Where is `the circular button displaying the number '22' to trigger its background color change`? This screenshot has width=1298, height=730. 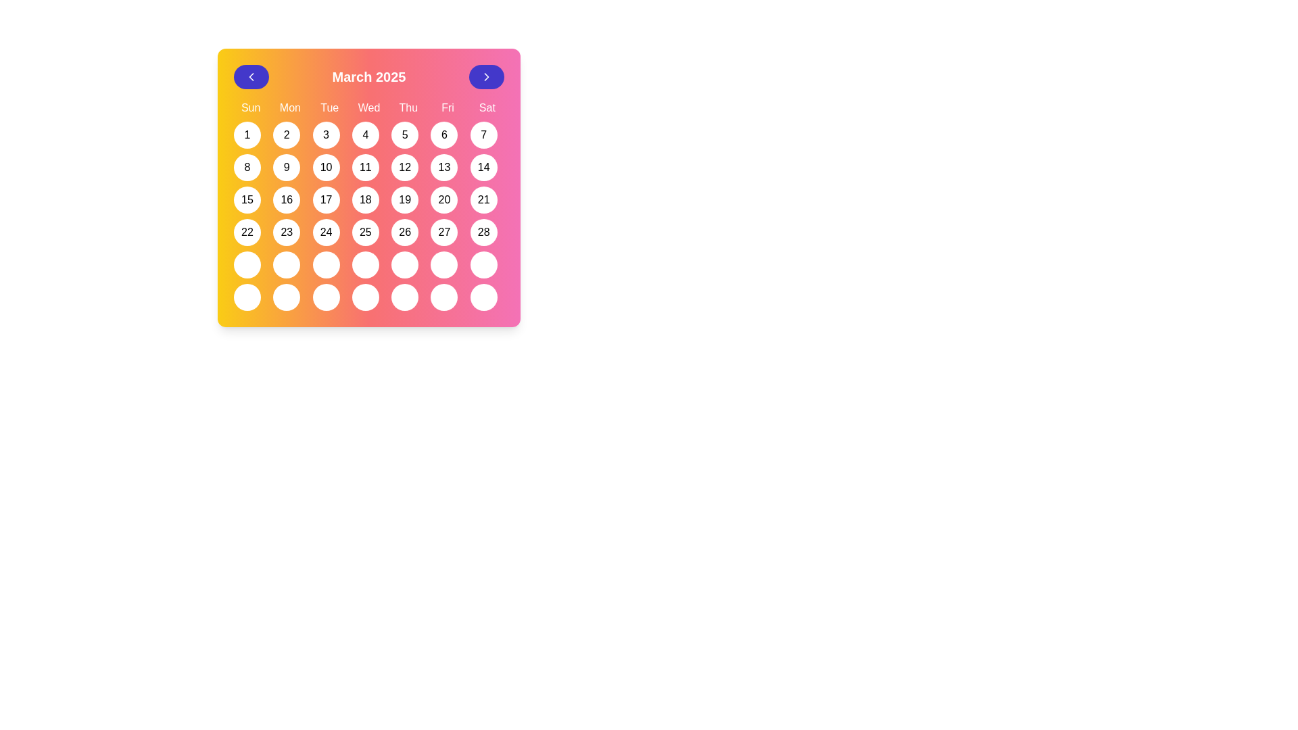
the circular button displaying the number '22' to trigger its background color change is located at coordinates (247, 231).